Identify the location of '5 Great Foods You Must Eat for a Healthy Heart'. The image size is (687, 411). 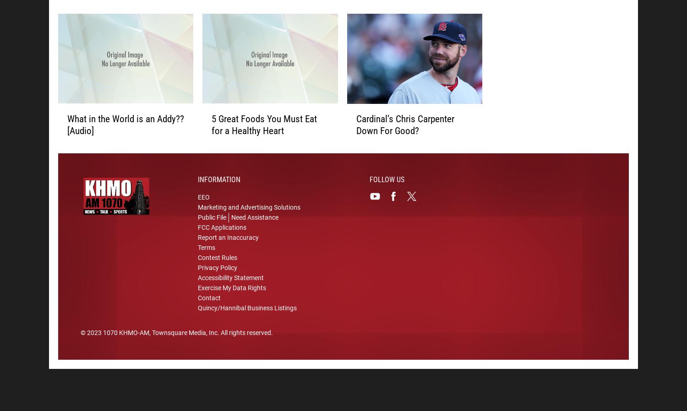
(264, 126).